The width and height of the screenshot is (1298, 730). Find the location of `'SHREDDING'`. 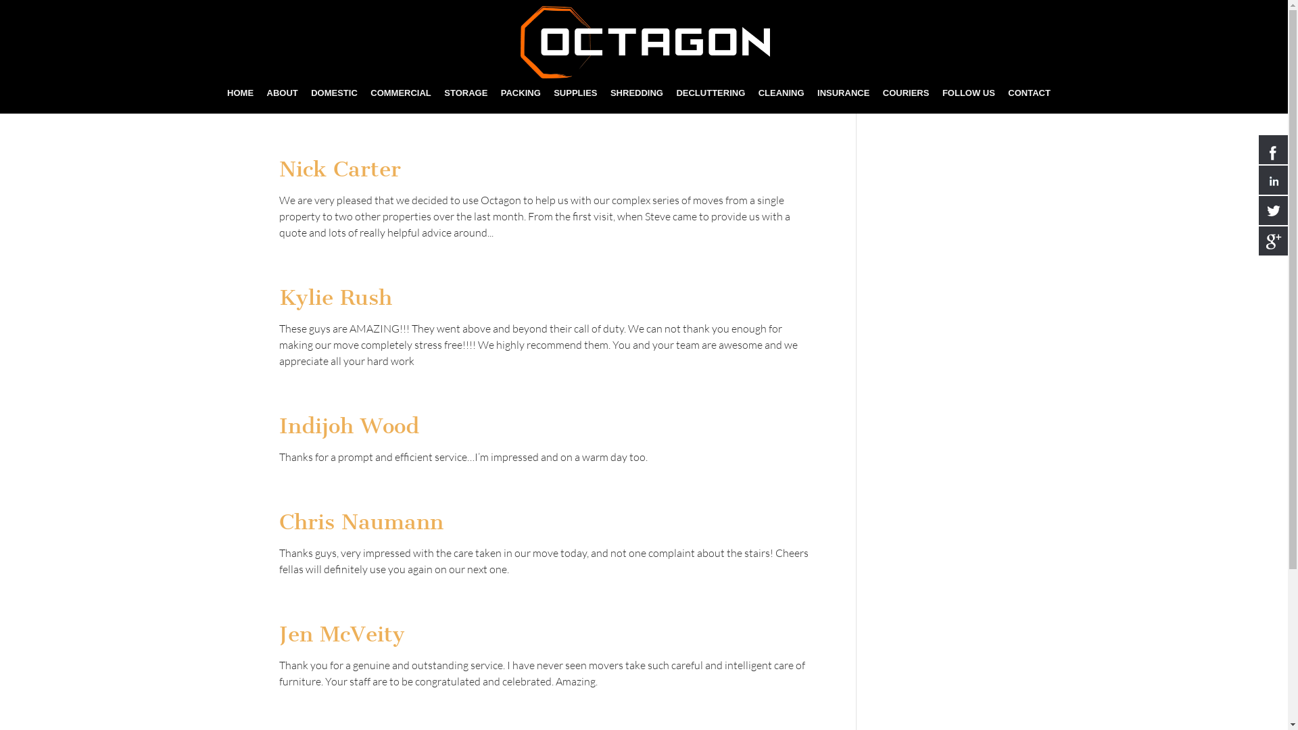

'SHREDDING' is located at coordinates (635, 100).